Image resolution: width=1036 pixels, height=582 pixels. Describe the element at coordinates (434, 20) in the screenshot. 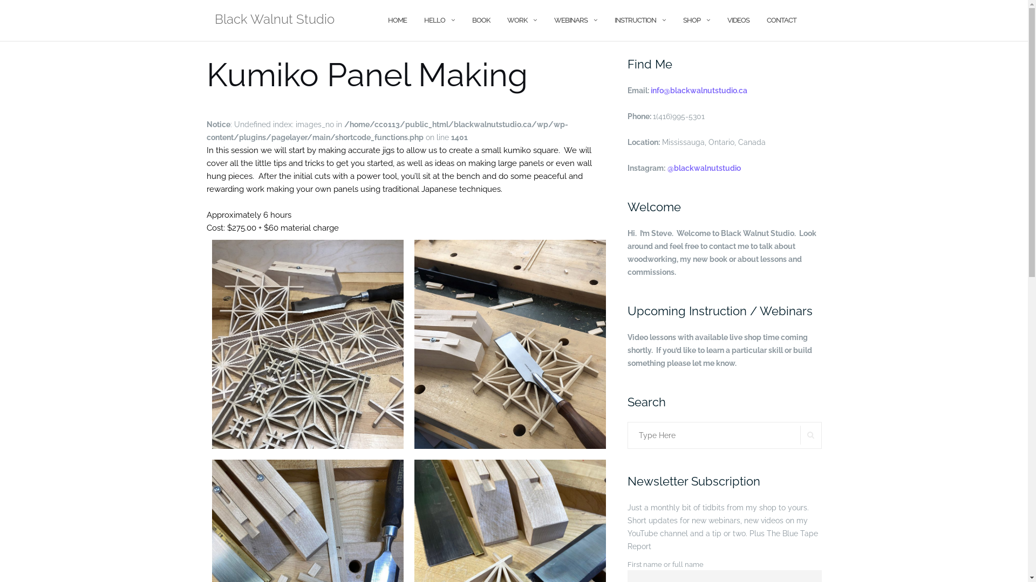

I see `'HELLO'` at that location.